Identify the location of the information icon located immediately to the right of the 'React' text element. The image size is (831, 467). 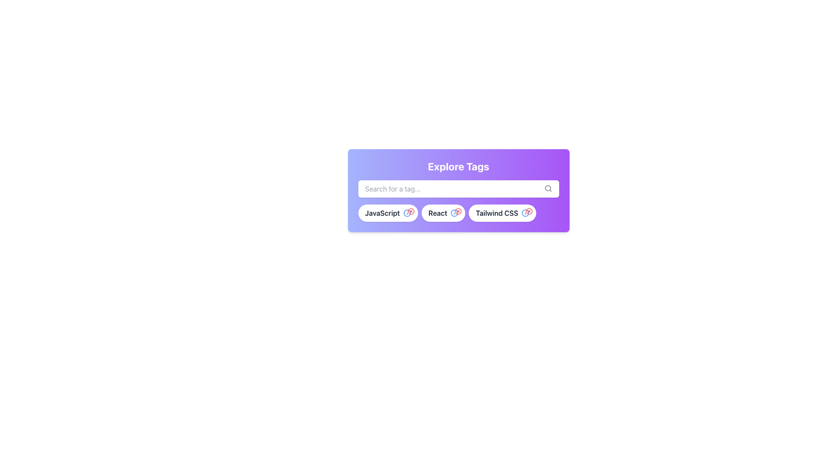
(454, 213).